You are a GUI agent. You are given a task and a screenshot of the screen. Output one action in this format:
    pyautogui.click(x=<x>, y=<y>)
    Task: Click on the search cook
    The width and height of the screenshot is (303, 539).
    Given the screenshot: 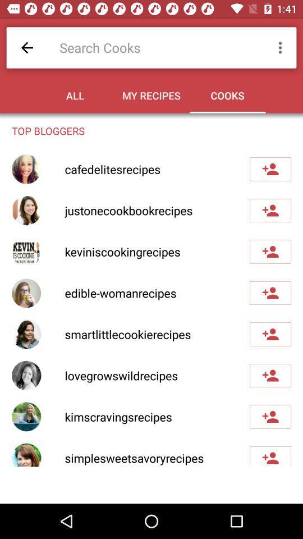 What is the action you would take?
    pyautogui.click(x=157, y=47)
    